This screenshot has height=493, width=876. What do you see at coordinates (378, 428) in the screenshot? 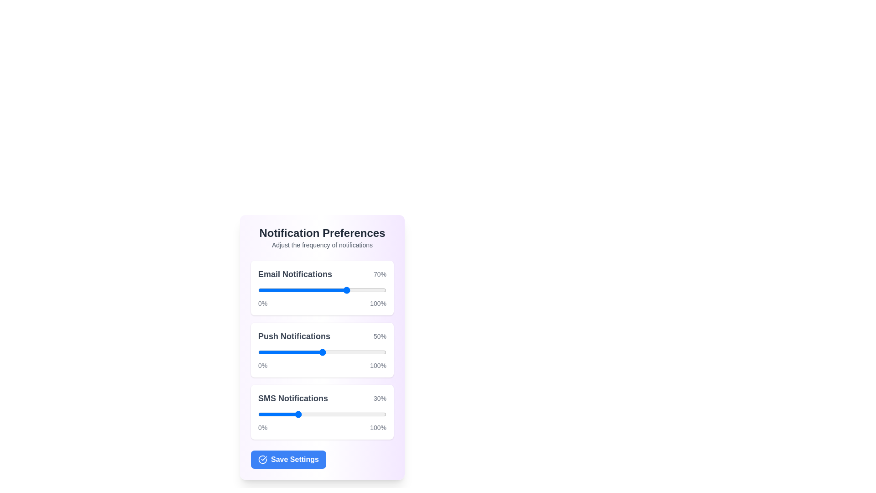
I see `the static text label displaying '100%', which signifies the maximum value for the SMS Notifications slider component` at bounding box center [378, 428].